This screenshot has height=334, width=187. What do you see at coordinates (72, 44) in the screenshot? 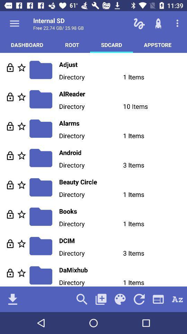
I see `icon next to dashboard icon` at bounding box center [72, 44].